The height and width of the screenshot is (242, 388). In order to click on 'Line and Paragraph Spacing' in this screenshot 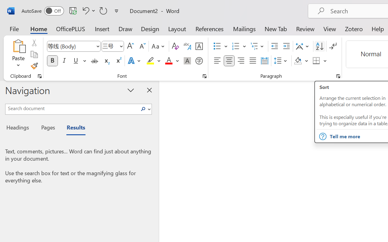, I will do `click(281, 61)`.